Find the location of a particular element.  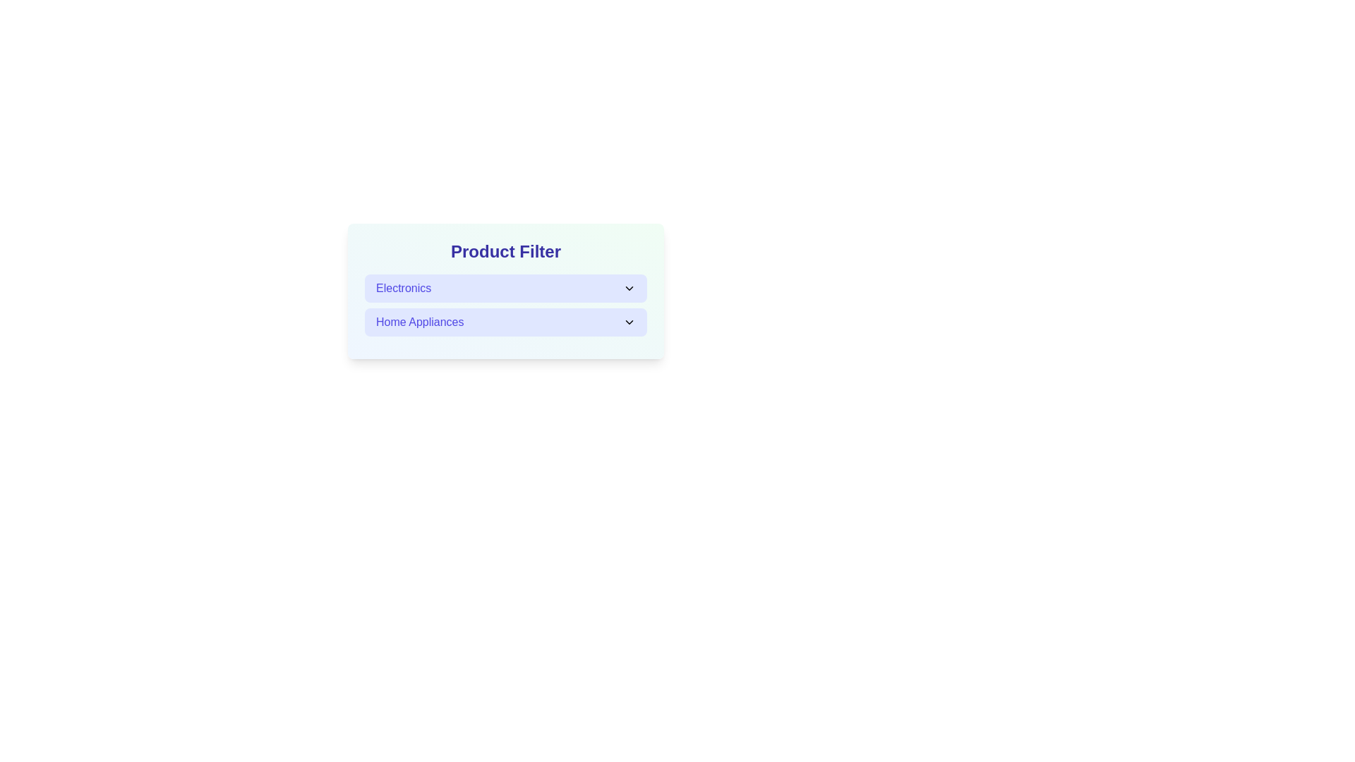

the chevron icon located at the top-right corner of the 'Home Appliances' row in the 'Product Filter' section is located at coordinates (629, 322).